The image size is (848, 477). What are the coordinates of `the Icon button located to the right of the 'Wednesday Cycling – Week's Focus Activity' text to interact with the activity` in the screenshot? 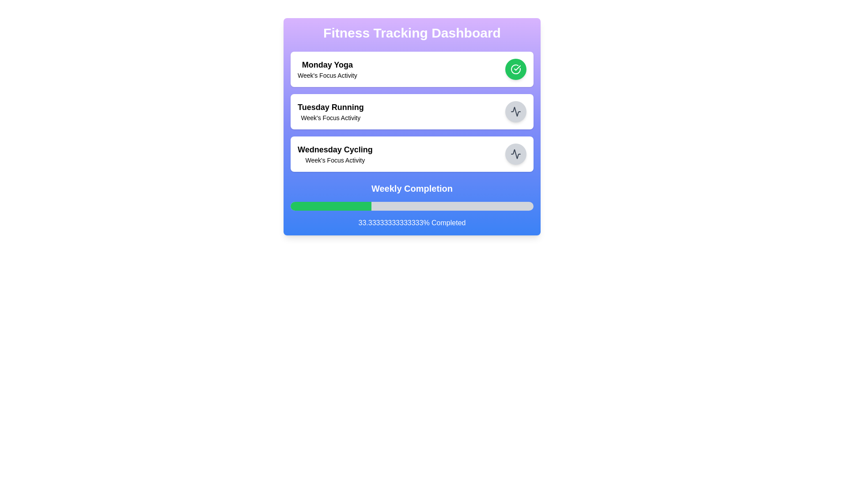 It's located at (515, 153).